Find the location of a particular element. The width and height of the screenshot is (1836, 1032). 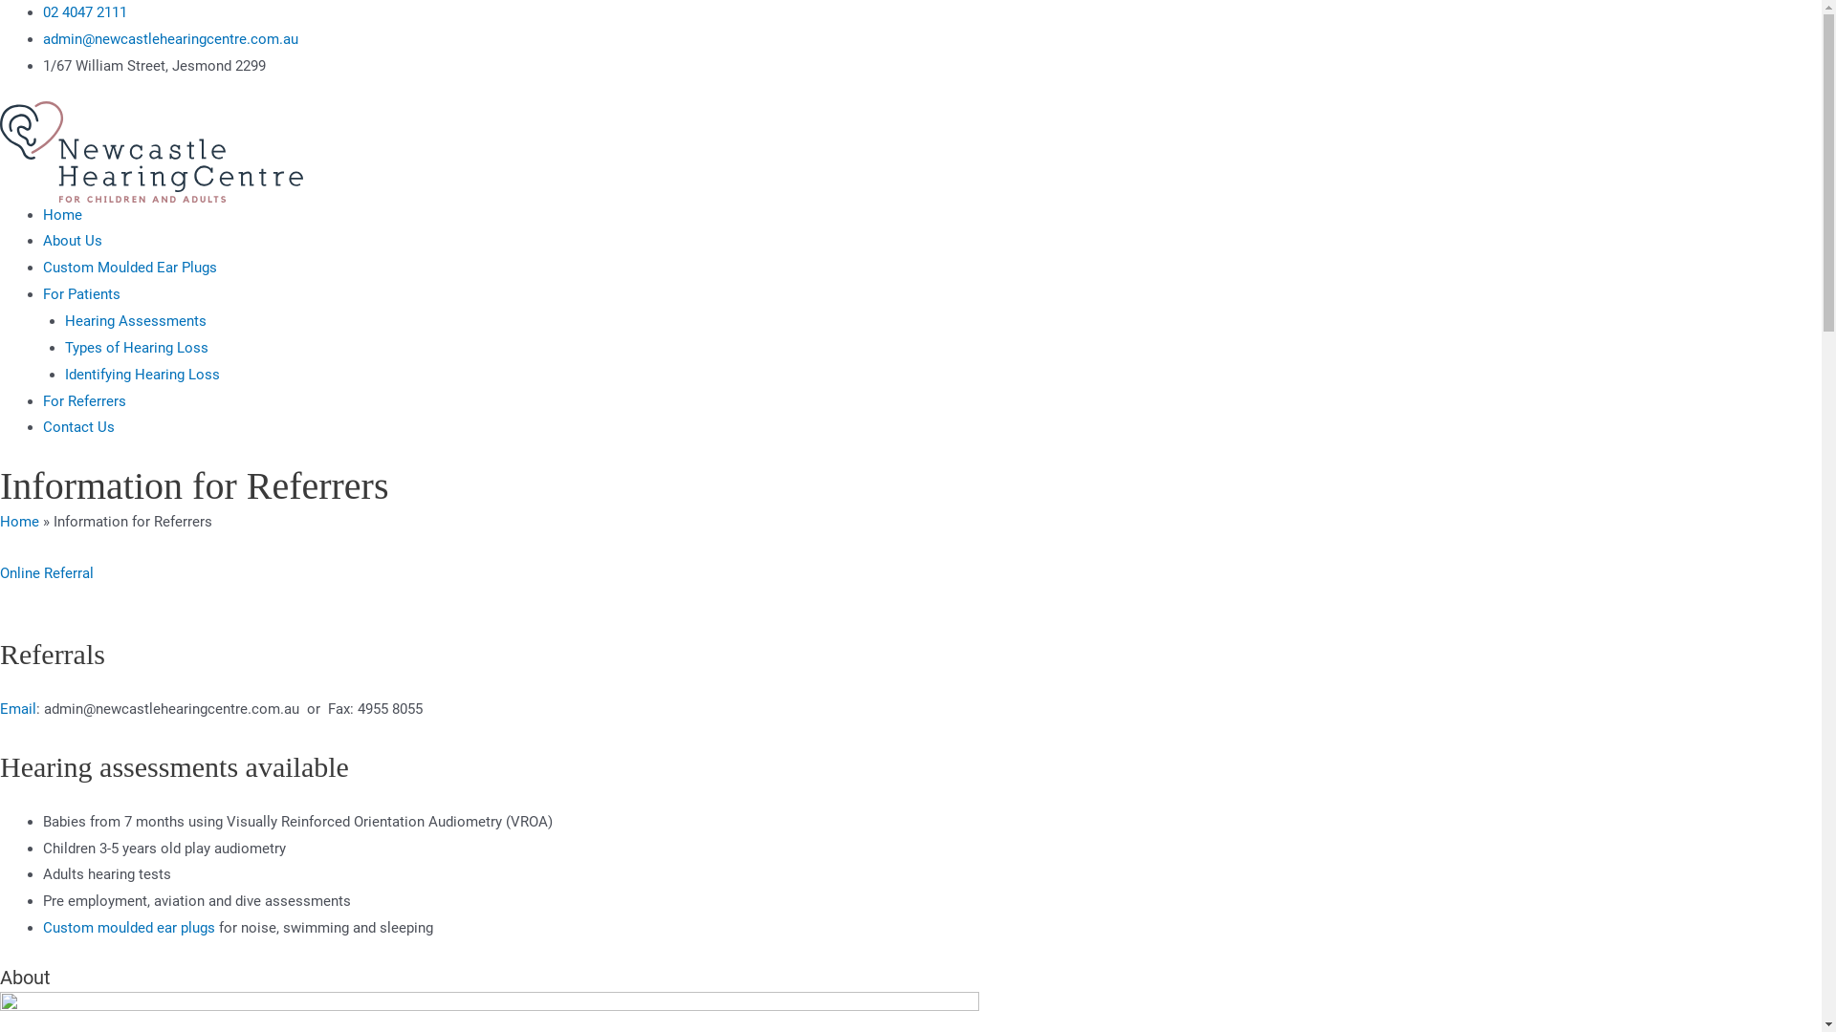

'Hearing Assessments' is located at coordinates (135, 319).